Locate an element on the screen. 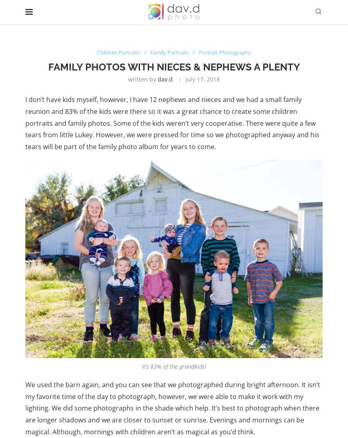  'Children Portraits' is located at coordinates (118, 52).